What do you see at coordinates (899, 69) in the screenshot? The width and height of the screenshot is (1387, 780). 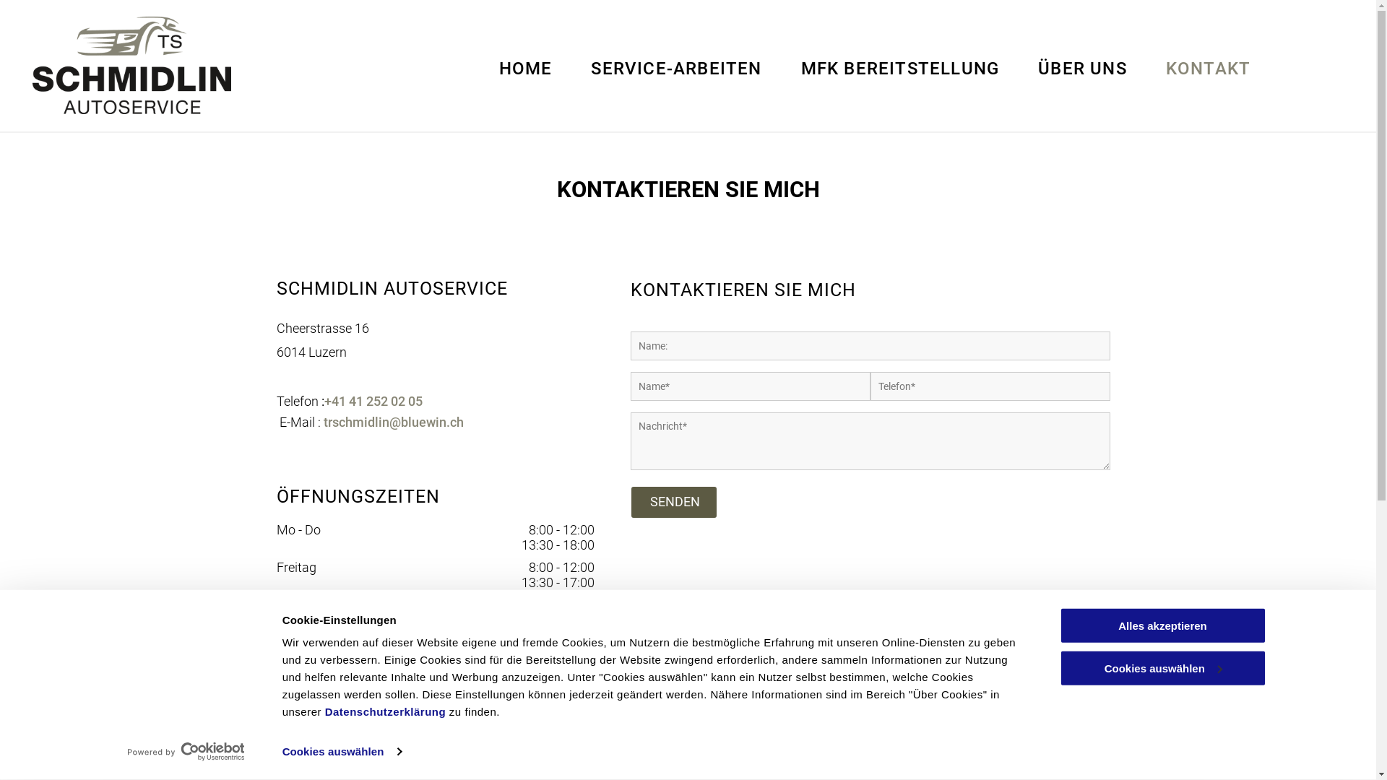 I see `'MFK BEREITSTELLUNG'` at bounding box center [899, 69].